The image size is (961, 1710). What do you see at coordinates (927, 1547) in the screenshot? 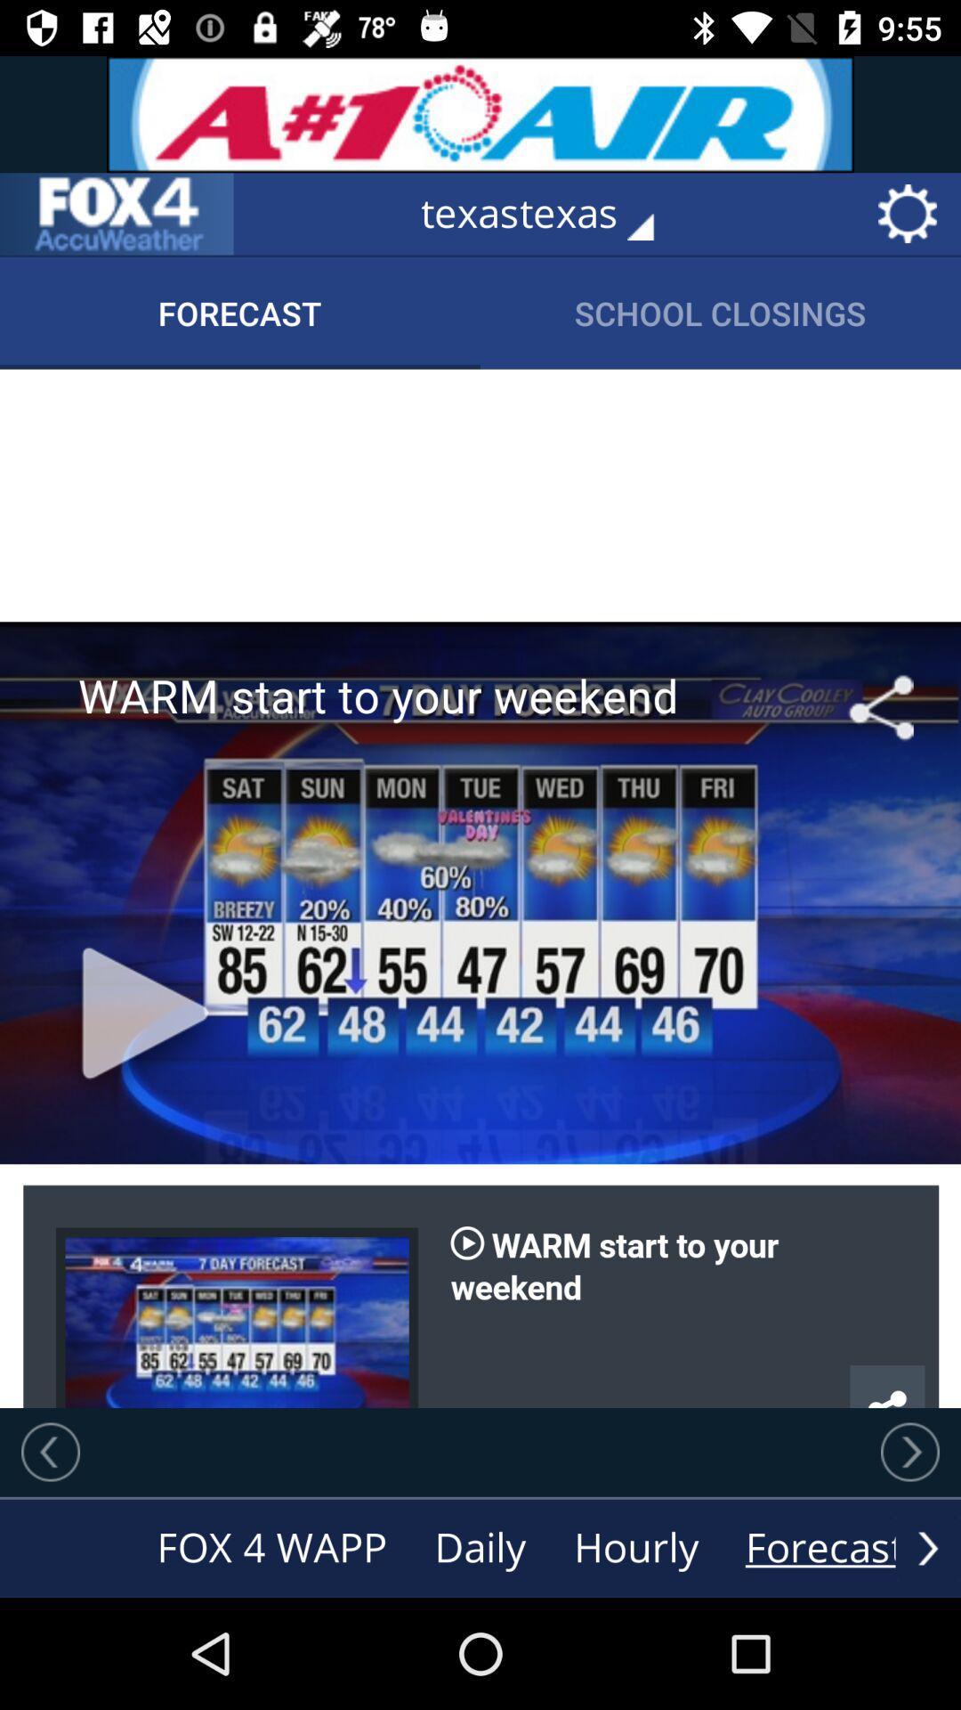
I see `the arrow_forward icon` at bounding box center [927, 1547].